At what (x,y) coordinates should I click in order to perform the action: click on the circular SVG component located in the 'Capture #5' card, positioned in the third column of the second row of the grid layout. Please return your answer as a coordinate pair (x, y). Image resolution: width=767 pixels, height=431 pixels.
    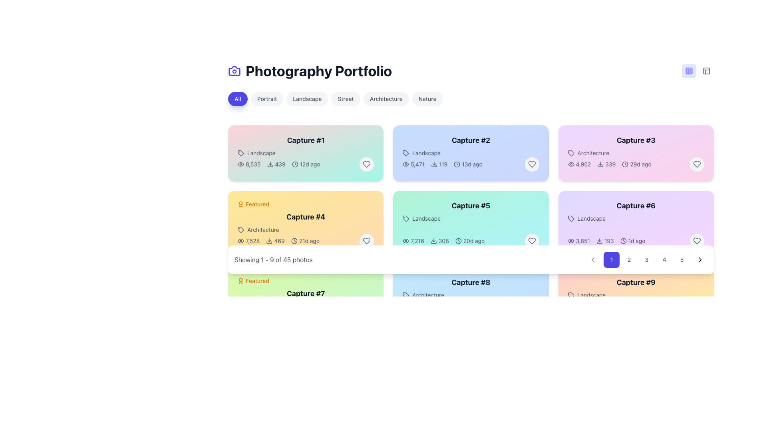
    Looking at the image, I should click on (458, 241).